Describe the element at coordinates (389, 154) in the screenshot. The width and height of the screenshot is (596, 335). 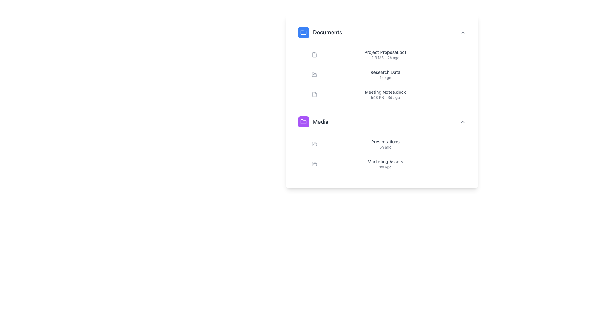
I see `the second entry in the 'Media' section of the list, which is located between 'Presentations' and 'Marketing Assets'` at that location.